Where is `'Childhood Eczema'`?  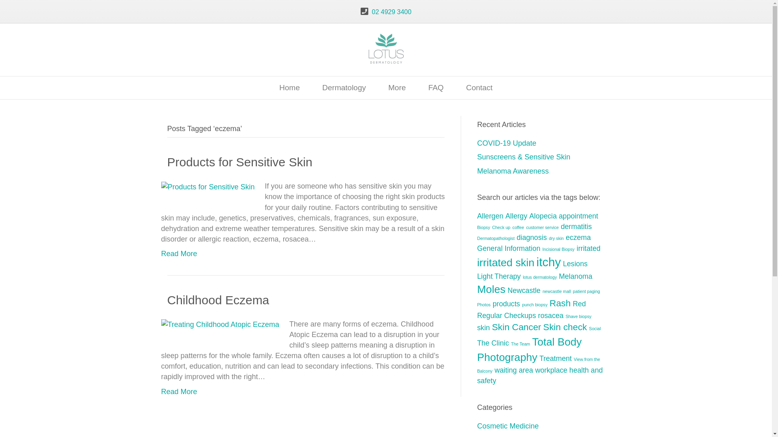 'Childhood Eczema' is located at coordinates (218, 300).